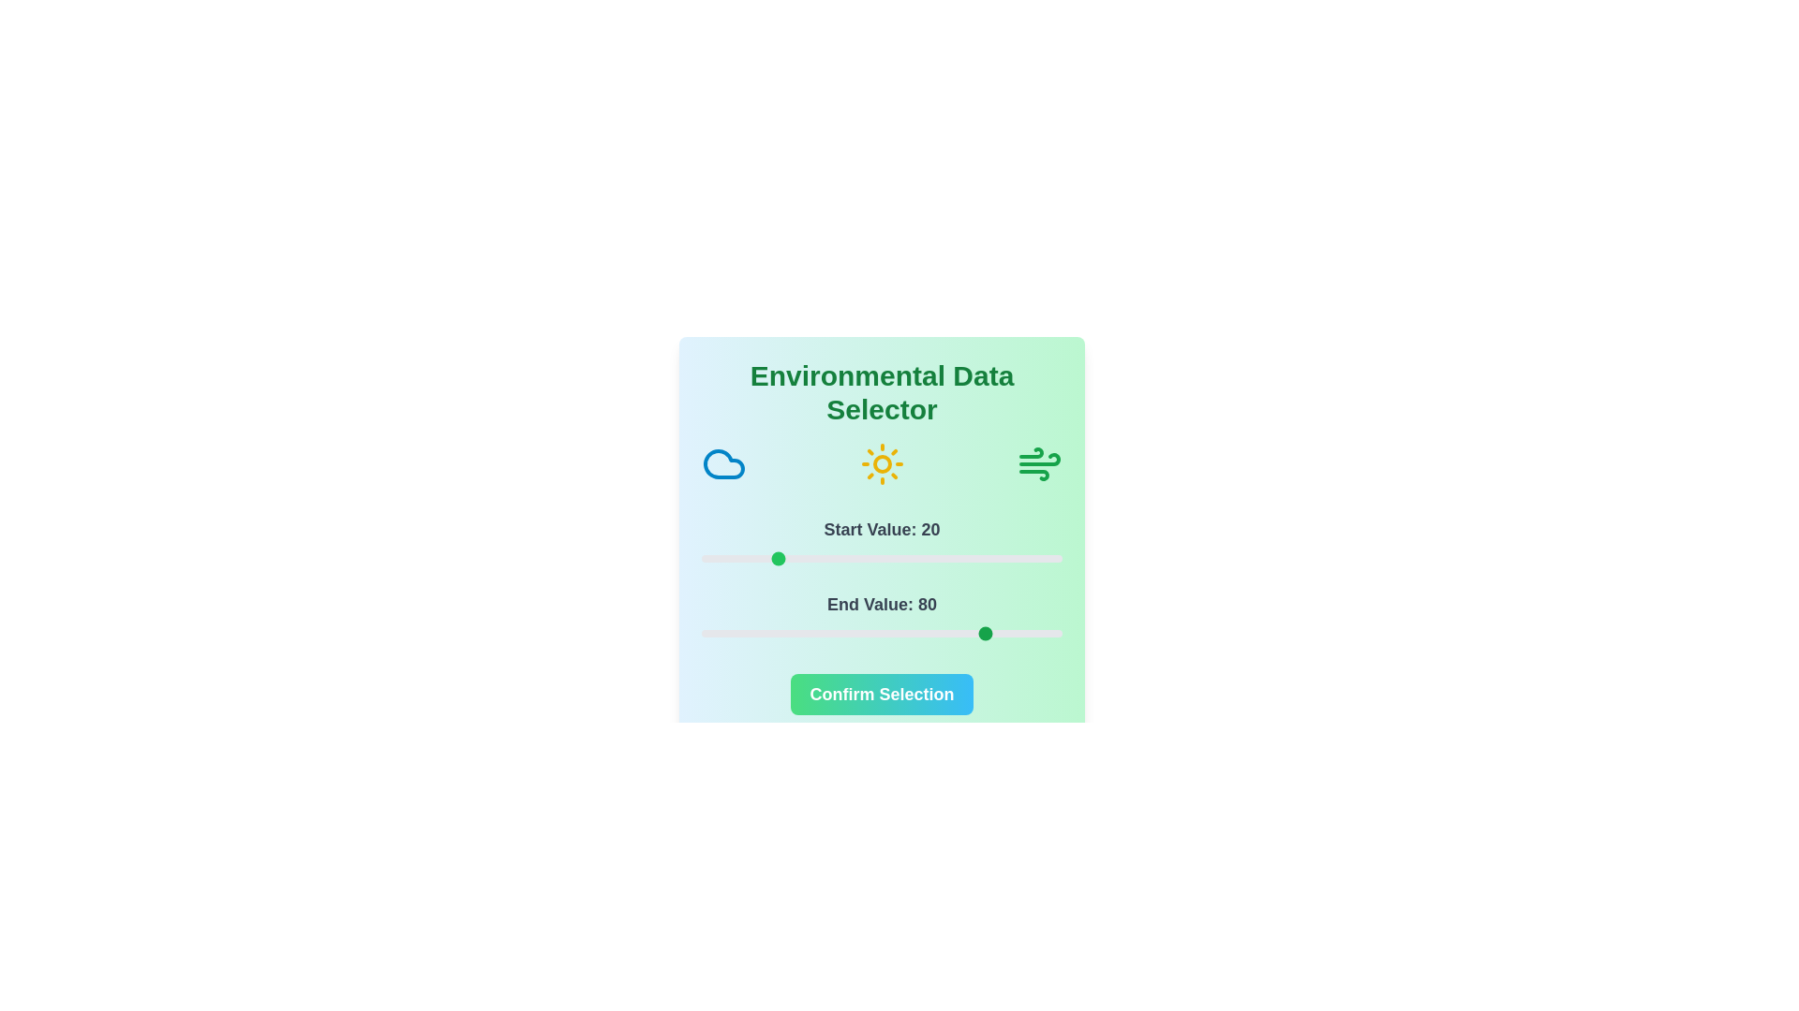  Describe the element at coordinates (715, 633) in the screenshot. I see `the slider` at that location.